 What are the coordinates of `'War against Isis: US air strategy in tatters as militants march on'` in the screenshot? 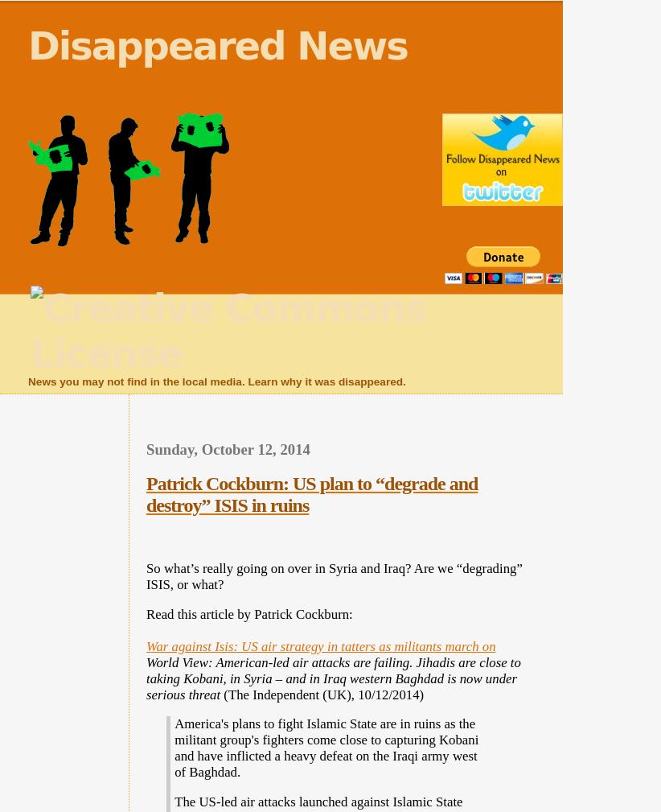 It's located at (320, 645).